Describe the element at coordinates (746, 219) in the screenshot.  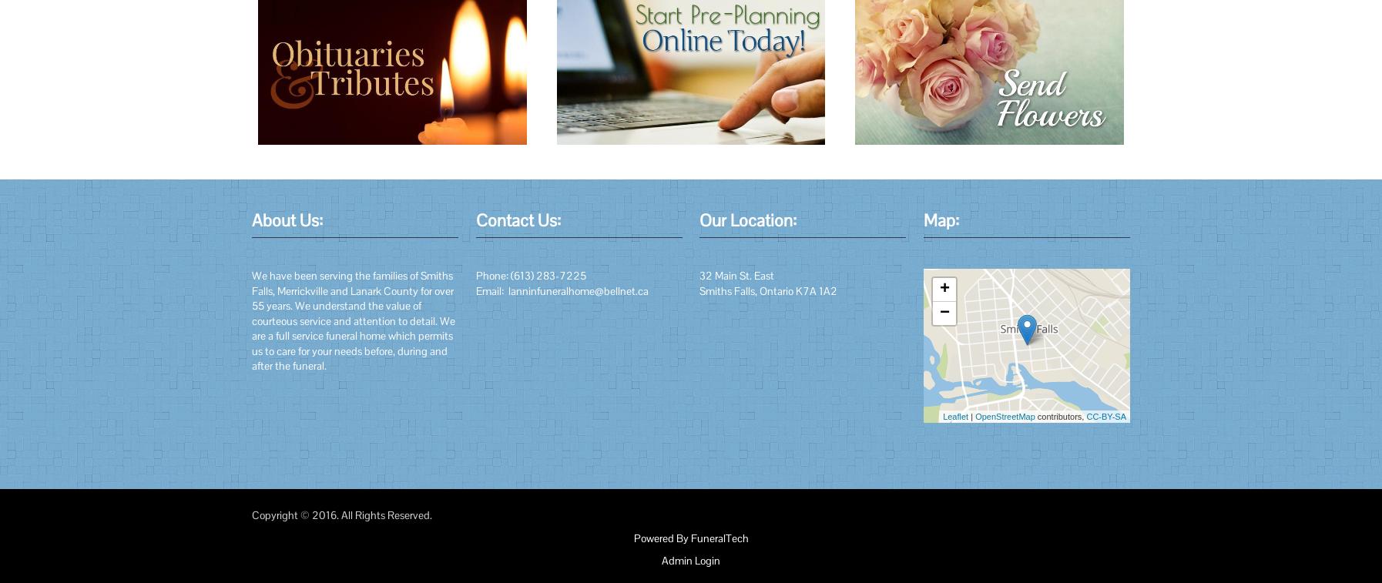
I see `'Our Location:'` at that location.